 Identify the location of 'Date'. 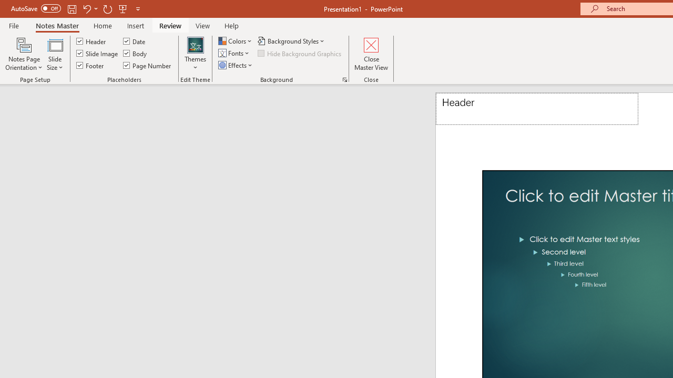
(134, 40).